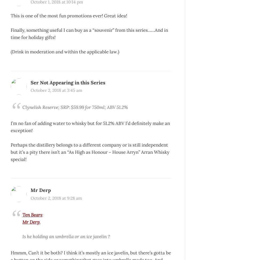 The height and width of the screenshot is (260, 278). What do you see at coordinates (56, 90) in the screenshot?
I see `'October 2, 2018 at 3:45 am'` at bounding box center [56, 90].